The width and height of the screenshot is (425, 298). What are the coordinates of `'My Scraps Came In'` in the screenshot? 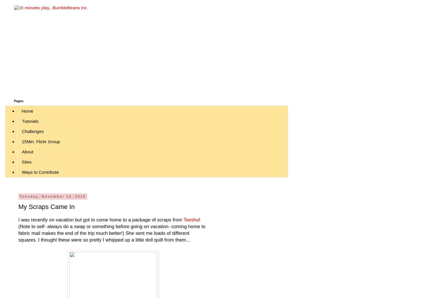 It's located at (46, 206).